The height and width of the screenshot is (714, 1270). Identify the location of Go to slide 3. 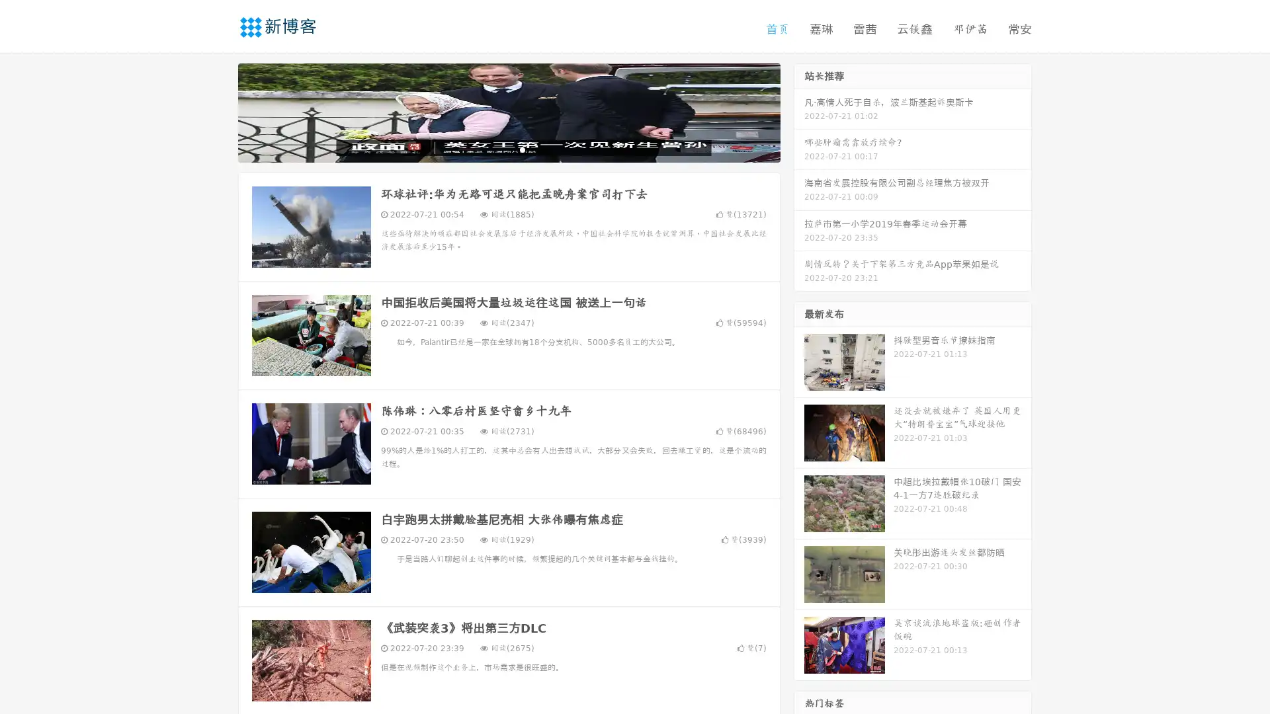
(522, 149).